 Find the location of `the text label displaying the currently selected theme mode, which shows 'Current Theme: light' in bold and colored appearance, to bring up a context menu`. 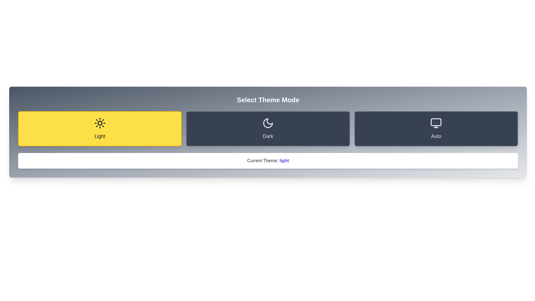

the text label displaying the currently selected theme mode, which shows 'Current Theme: light' in bold and colored appearance, to bring up a context menu is located at coordinates (284, 160).